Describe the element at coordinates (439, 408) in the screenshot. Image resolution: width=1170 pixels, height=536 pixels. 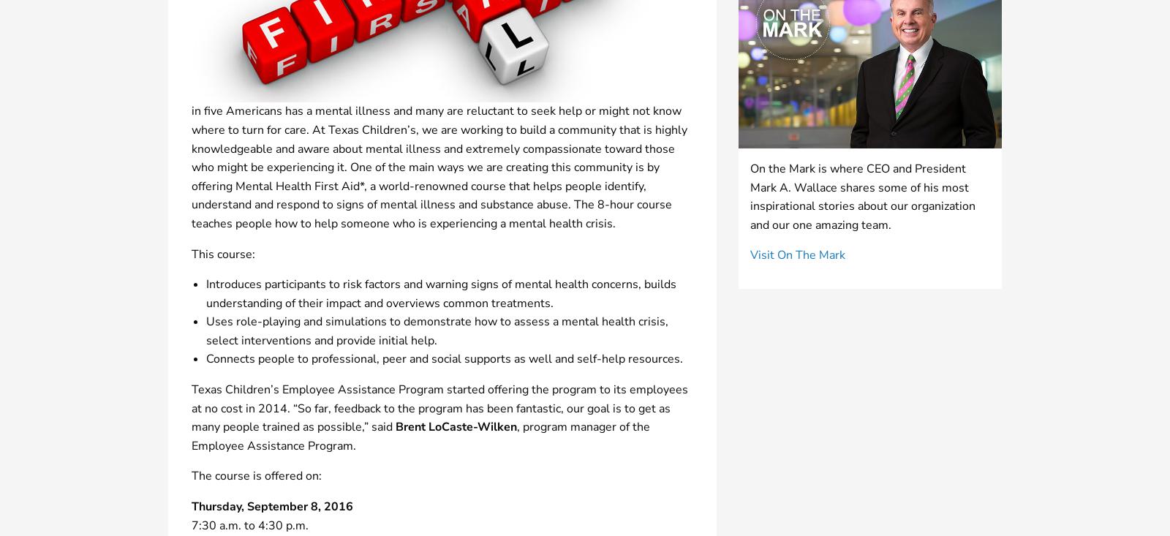
I see `'Texas Children’s Employee Assistance Program started offering the program to its employees at no cost in 2014. “So far, feedback to the program has been fantastic, our goal is to get as many people trained as possible,” said'` at that location.